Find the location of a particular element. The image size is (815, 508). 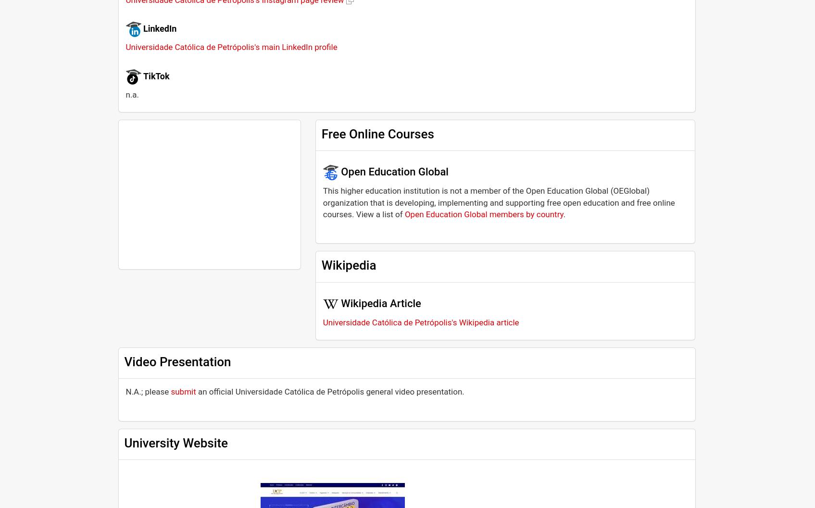

'Wikipedia Article' is located at coordinates (379, 303).